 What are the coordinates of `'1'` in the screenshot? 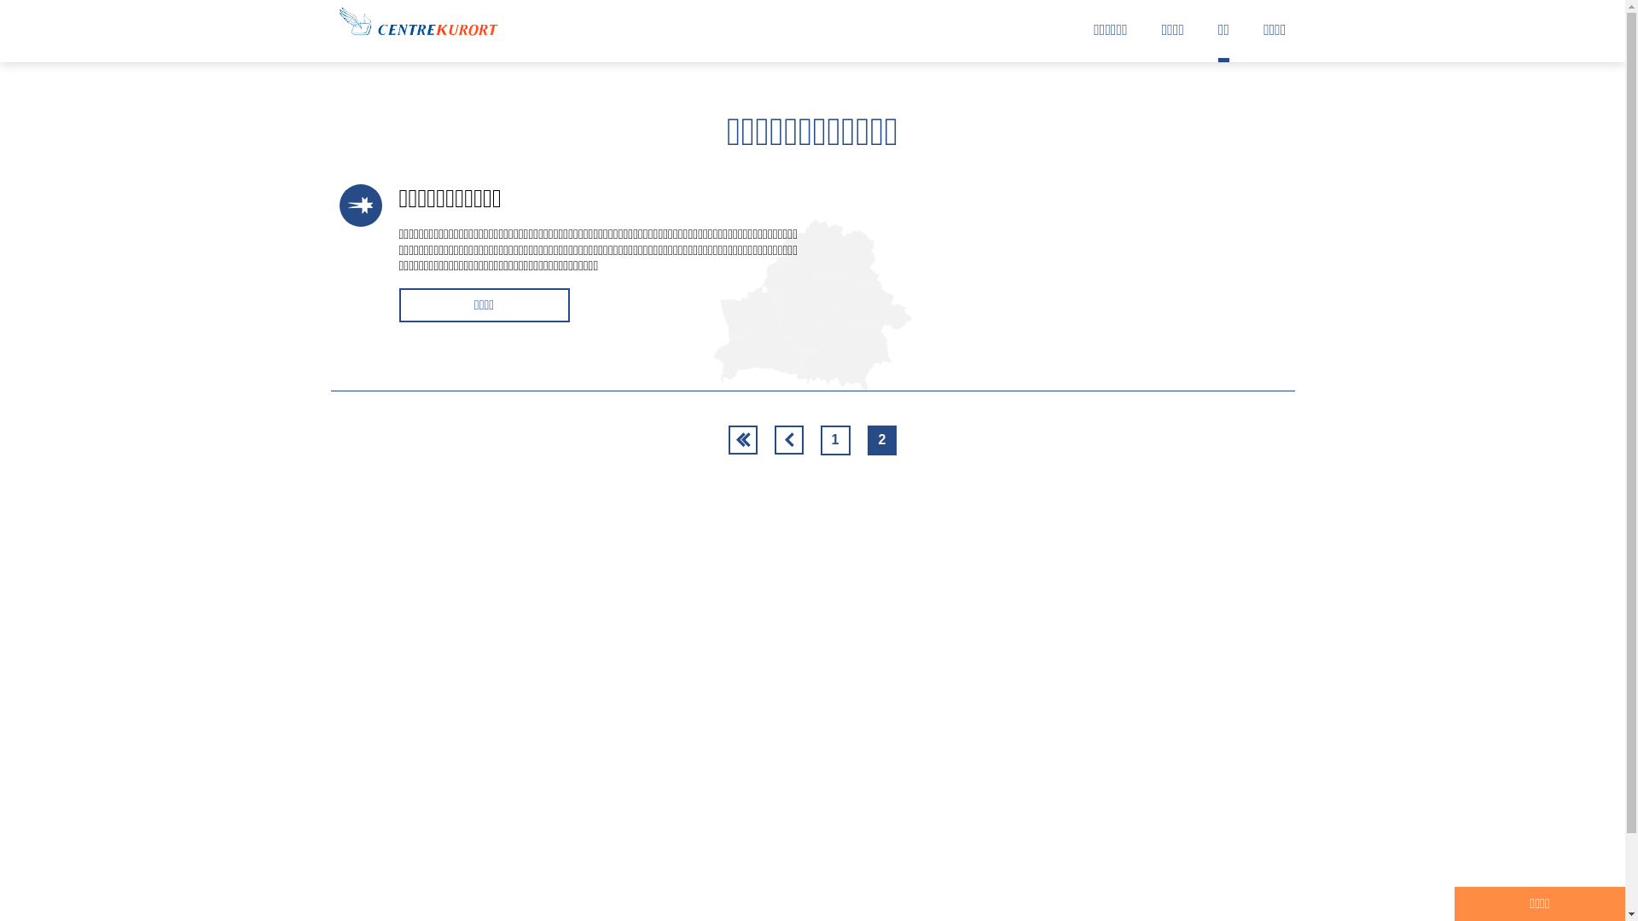 It's located at (835, 439).